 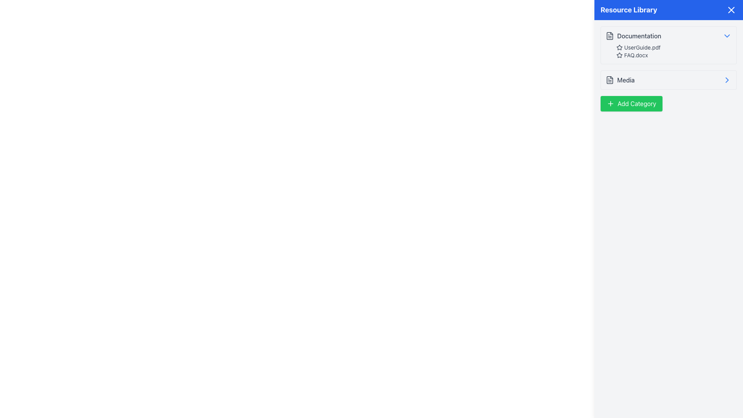 I want to click on the star icon located to the left of the text 'FAQ.docx' in the 'Resource Library' panel under the 'Documentation' subsection to interact with it, so click(x=620, y=55).